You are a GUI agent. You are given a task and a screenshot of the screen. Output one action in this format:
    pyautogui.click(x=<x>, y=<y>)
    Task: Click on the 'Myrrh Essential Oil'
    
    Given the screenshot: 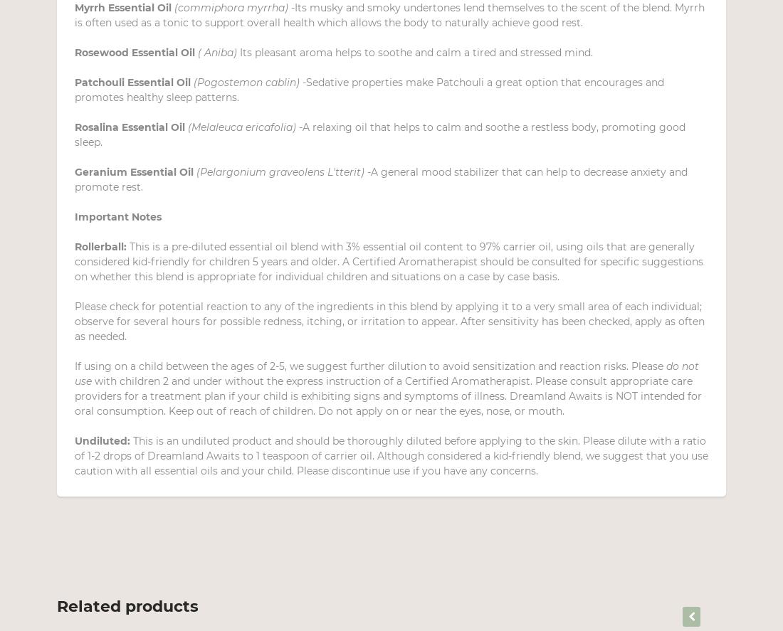 What is the action you would take?
    pyautogui.click(x=124, y=7)
    